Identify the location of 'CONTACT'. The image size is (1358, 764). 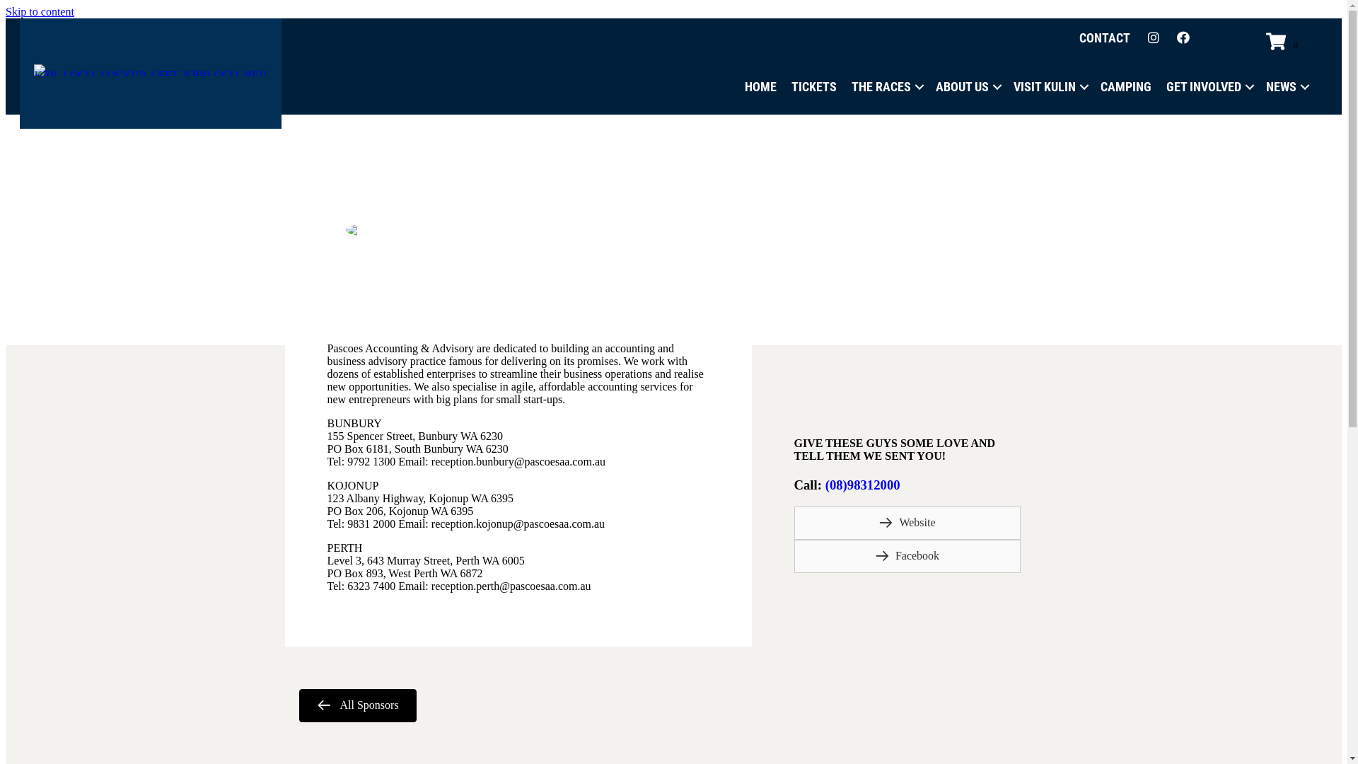
(1070, 37).